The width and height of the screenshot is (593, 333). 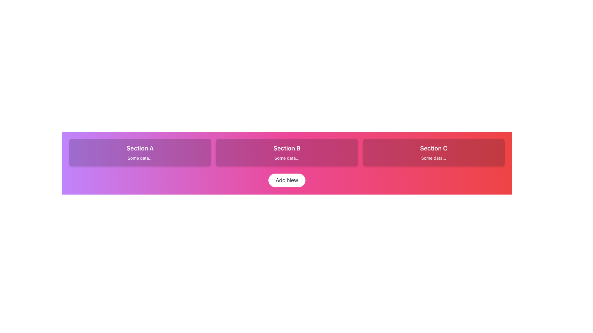 I want to click on the Informational Card labeled 'Section B' that contains the text 'Some data...' and is styled with a semi-transparent dark overlay, located in the middle of a 3-column grid, so click(x=286, y=152).